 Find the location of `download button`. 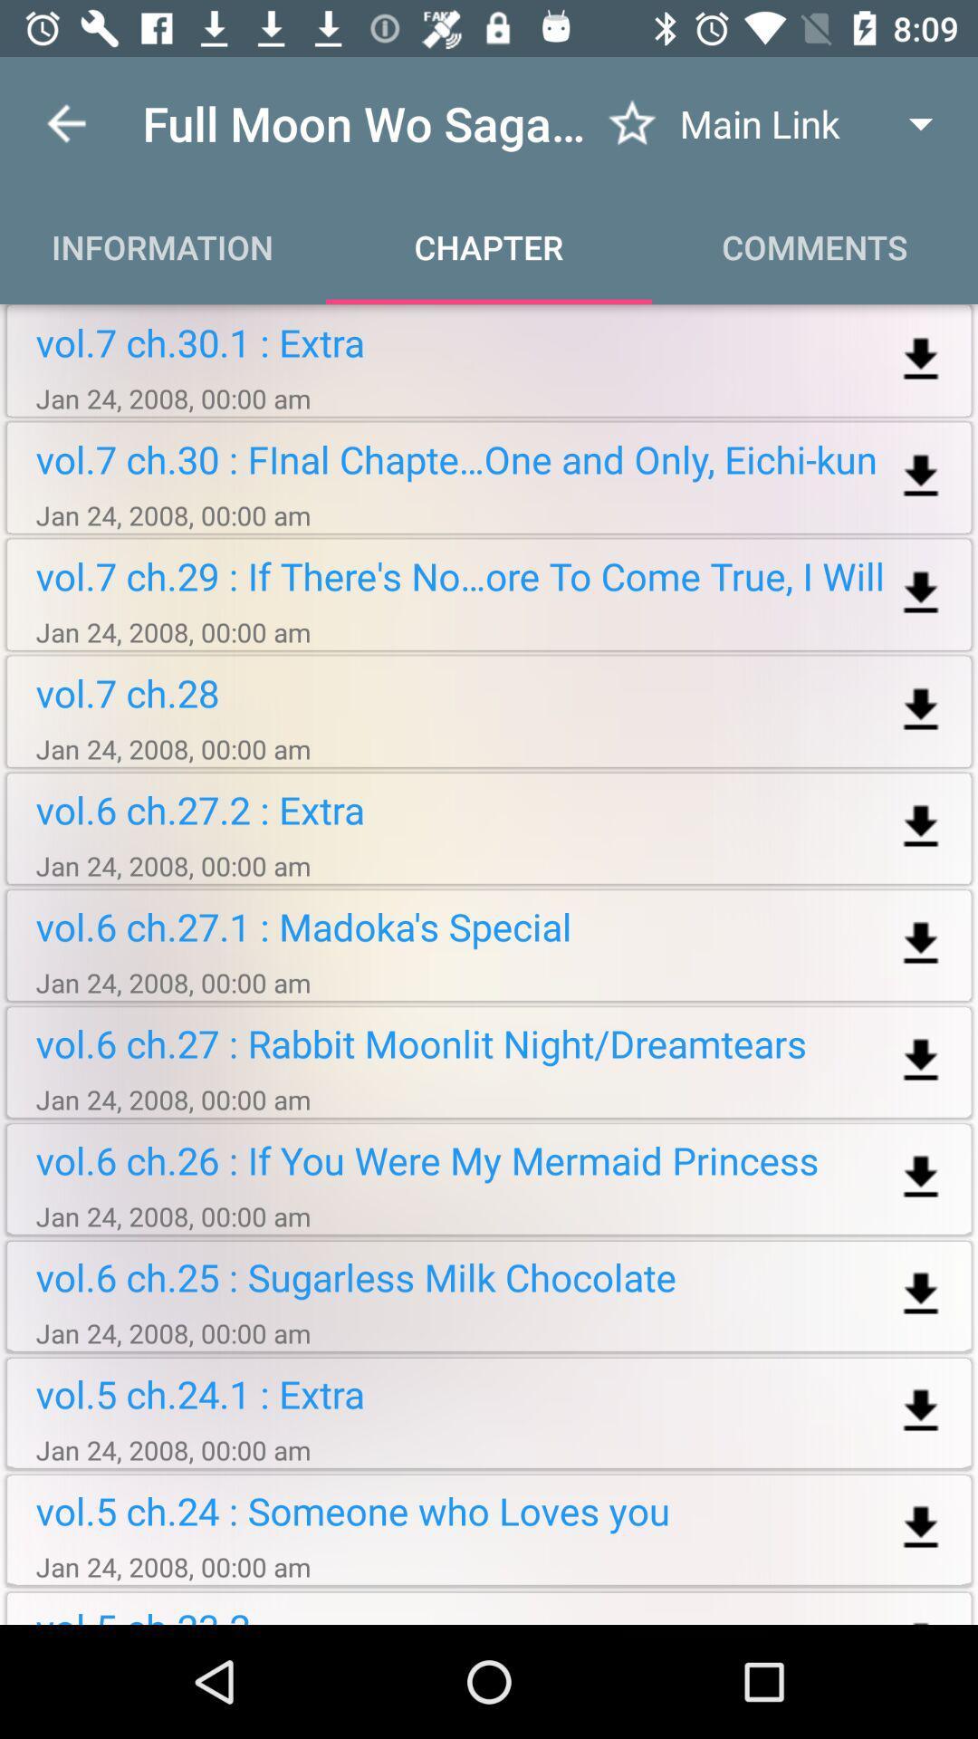

download button is located at coordinates (921, 1177).